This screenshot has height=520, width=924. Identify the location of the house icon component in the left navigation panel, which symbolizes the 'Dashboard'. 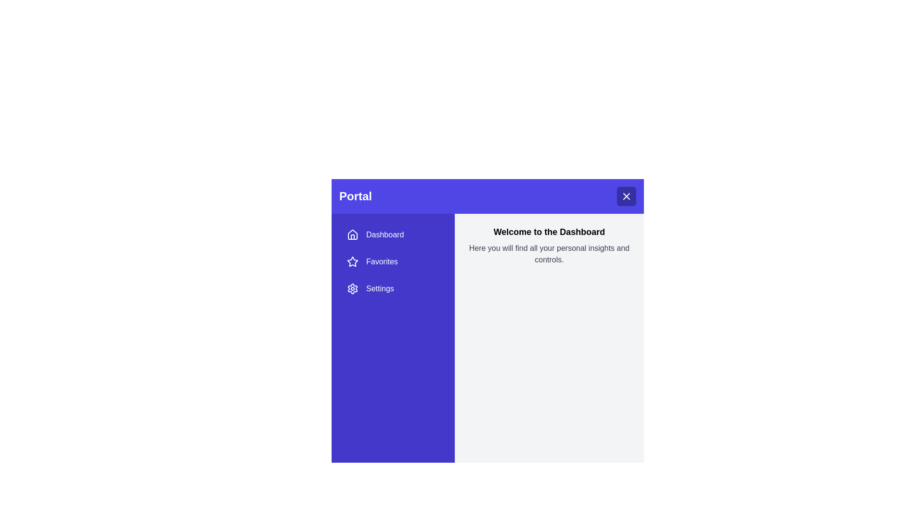
(352, 237).